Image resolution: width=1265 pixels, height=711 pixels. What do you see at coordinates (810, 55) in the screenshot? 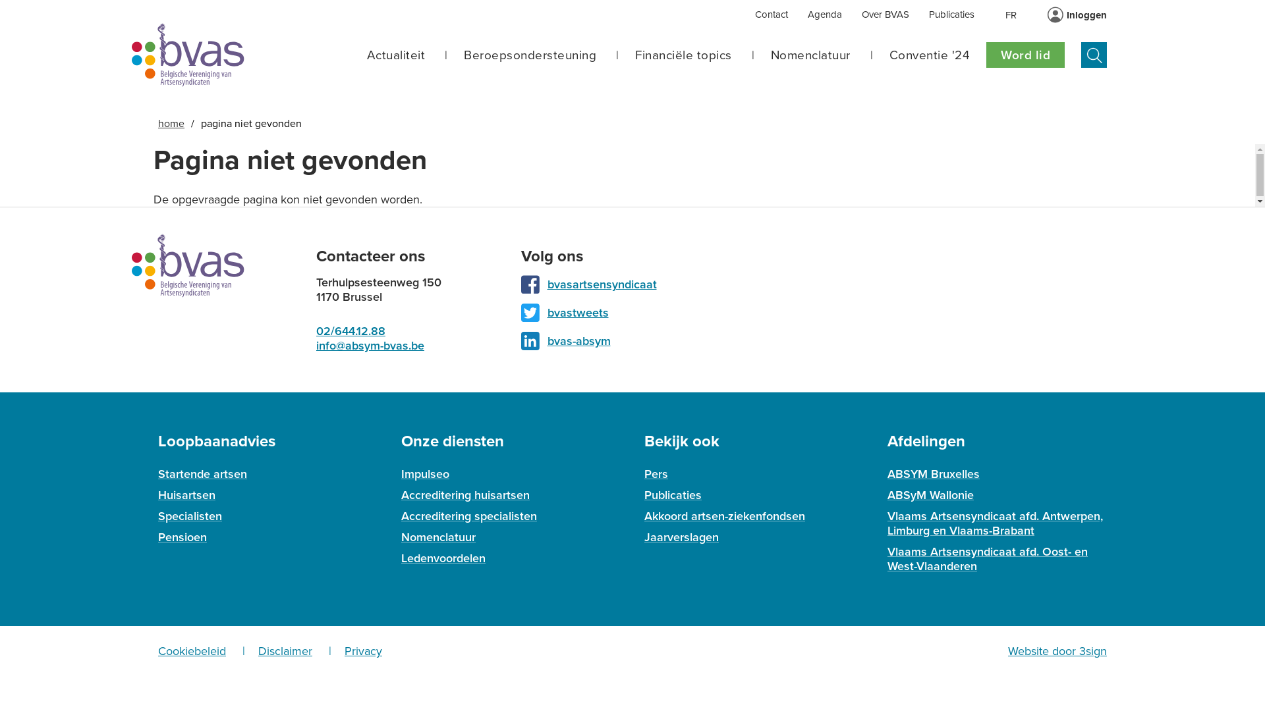
I see `'Nomenclatuur'` at bounding box center [810, 55].